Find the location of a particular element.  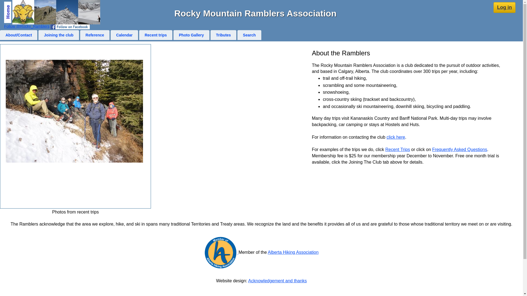

'click here' is located at coordinates (386, 137).